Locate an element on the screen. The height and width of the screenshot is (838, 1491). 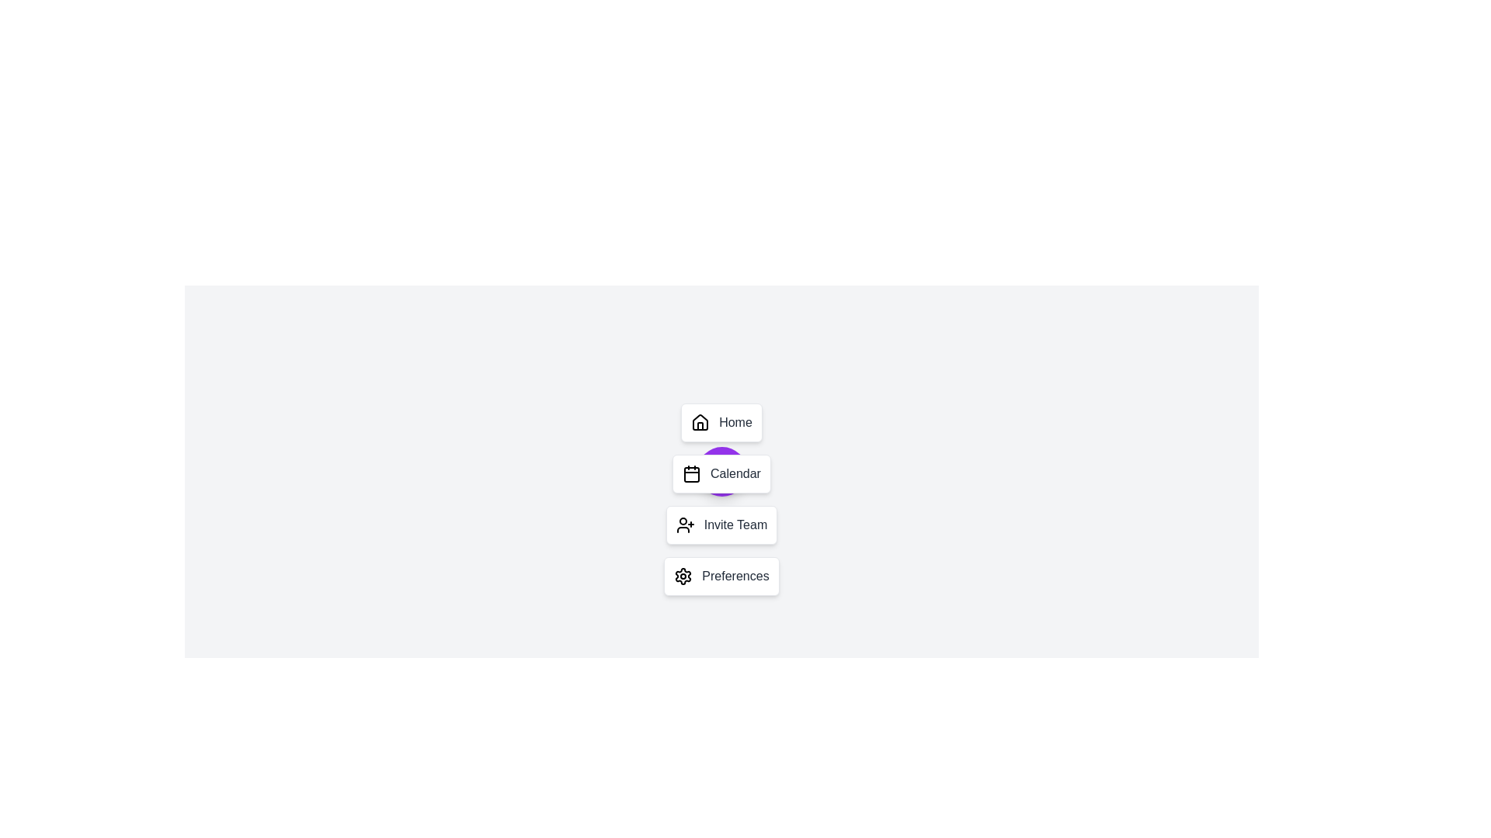
the user symbol plus icon within the 'Invite Team' card, which is the third item in the vertical list of menu items is located at coordinates (684, 525).